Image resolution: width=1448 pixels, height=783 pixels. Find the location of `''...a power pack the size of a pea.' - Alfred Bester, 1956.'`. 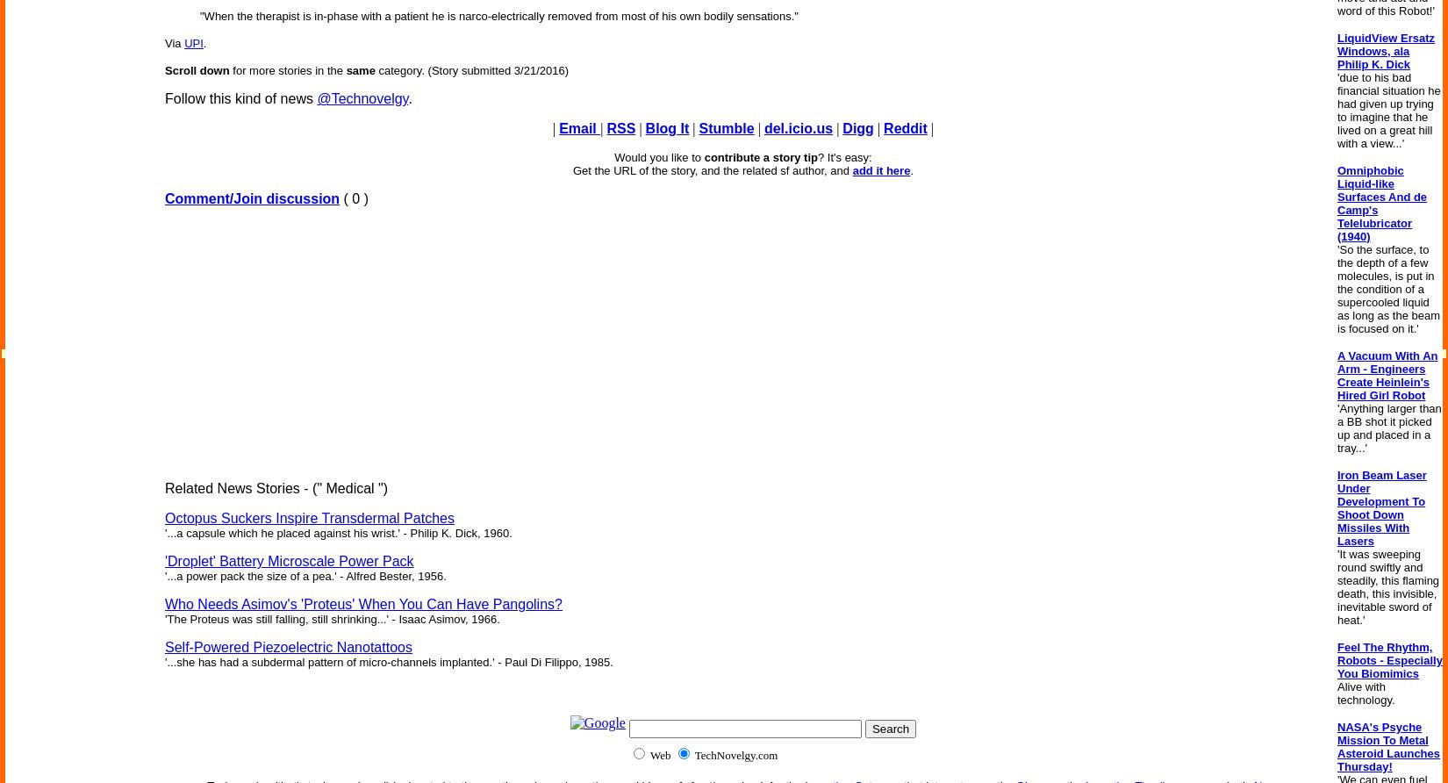

''...a power pack the size of a pea.' - Alfred Bester, 1956.' is located at coordinates (305, 575).